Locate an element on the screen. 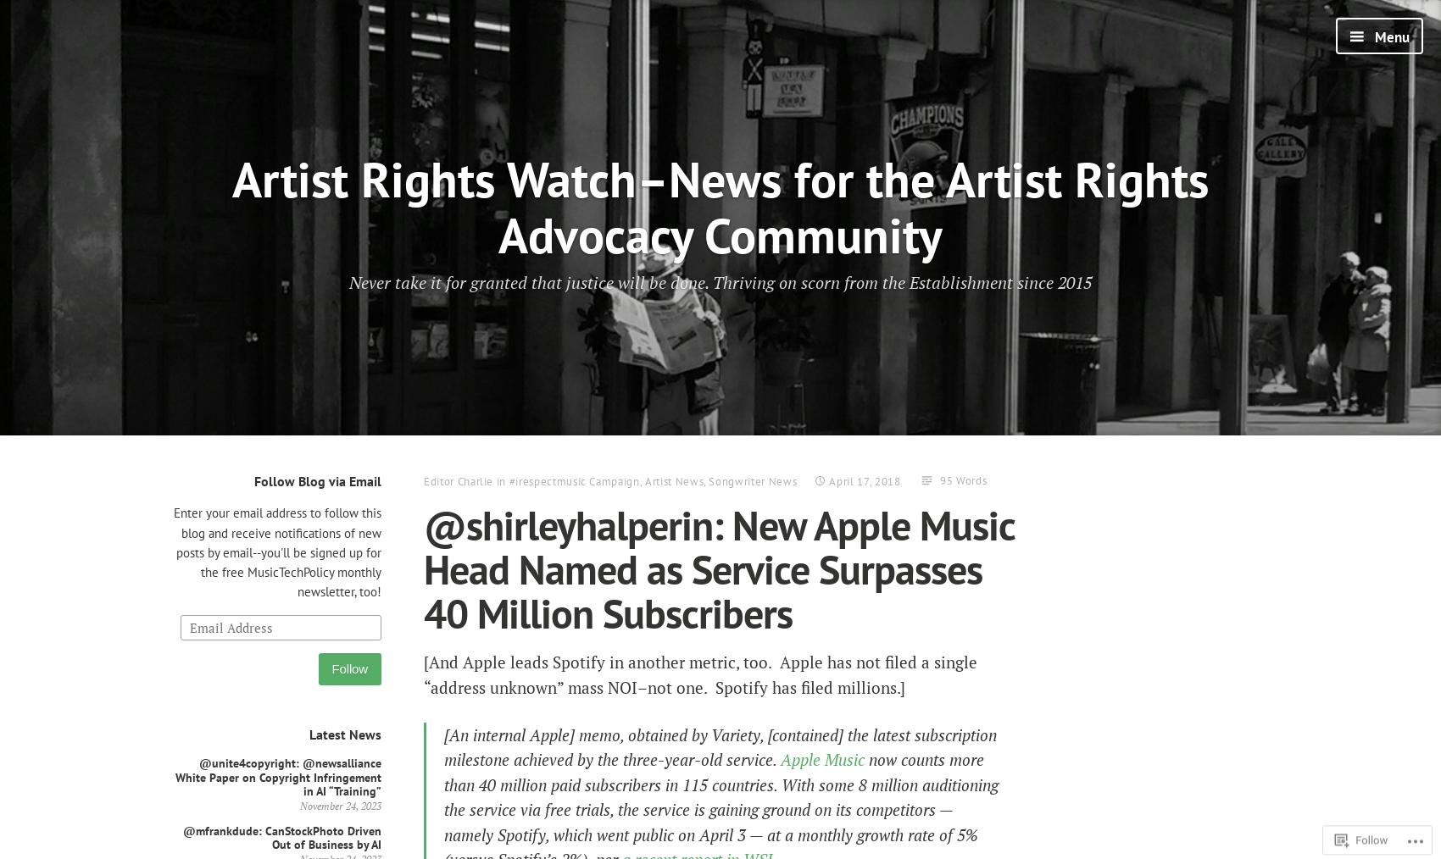 The image size is (1441, 859). 'Songwriter News' is located at coordinates (753, 480).